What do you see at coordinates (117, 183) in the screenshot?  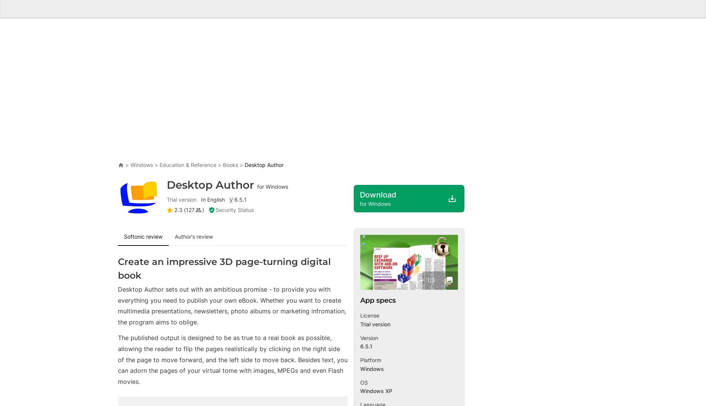 I see `'Related Articles'` at bounding box center [117, 183].